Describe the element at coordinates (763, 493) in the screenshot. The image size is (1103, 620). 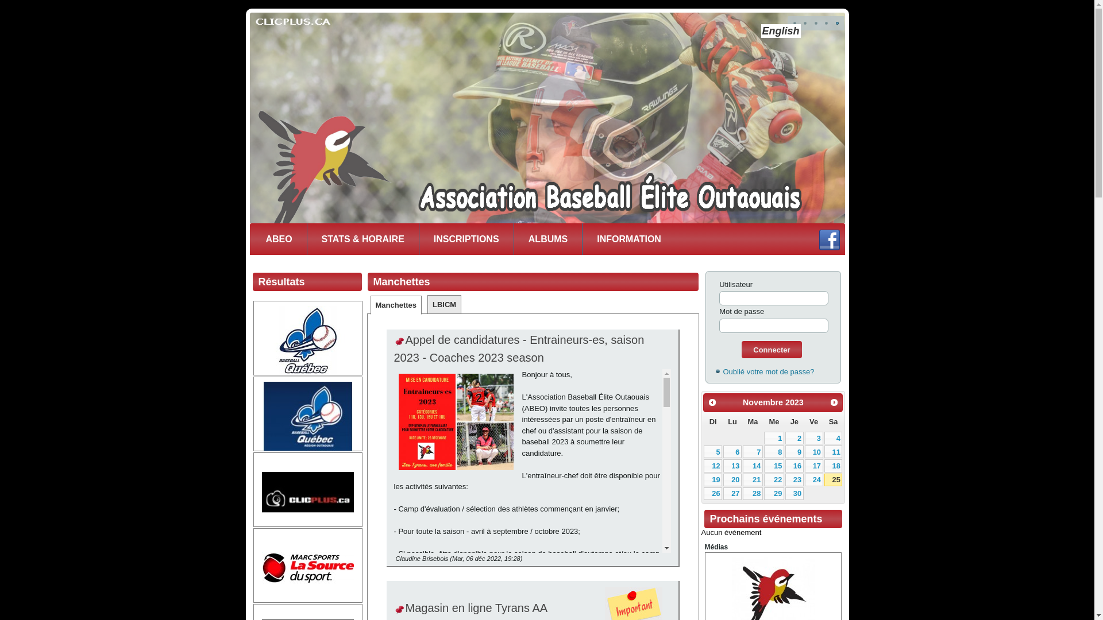
I see `'29'` at that location.